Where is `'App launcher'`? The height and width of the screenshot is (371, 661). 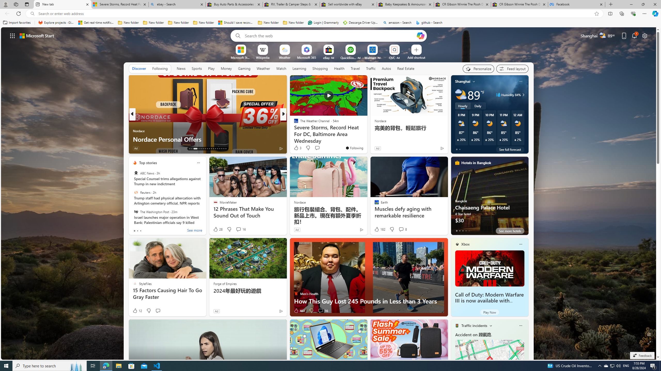 'App launcher' is located at coordinates (12, 35).